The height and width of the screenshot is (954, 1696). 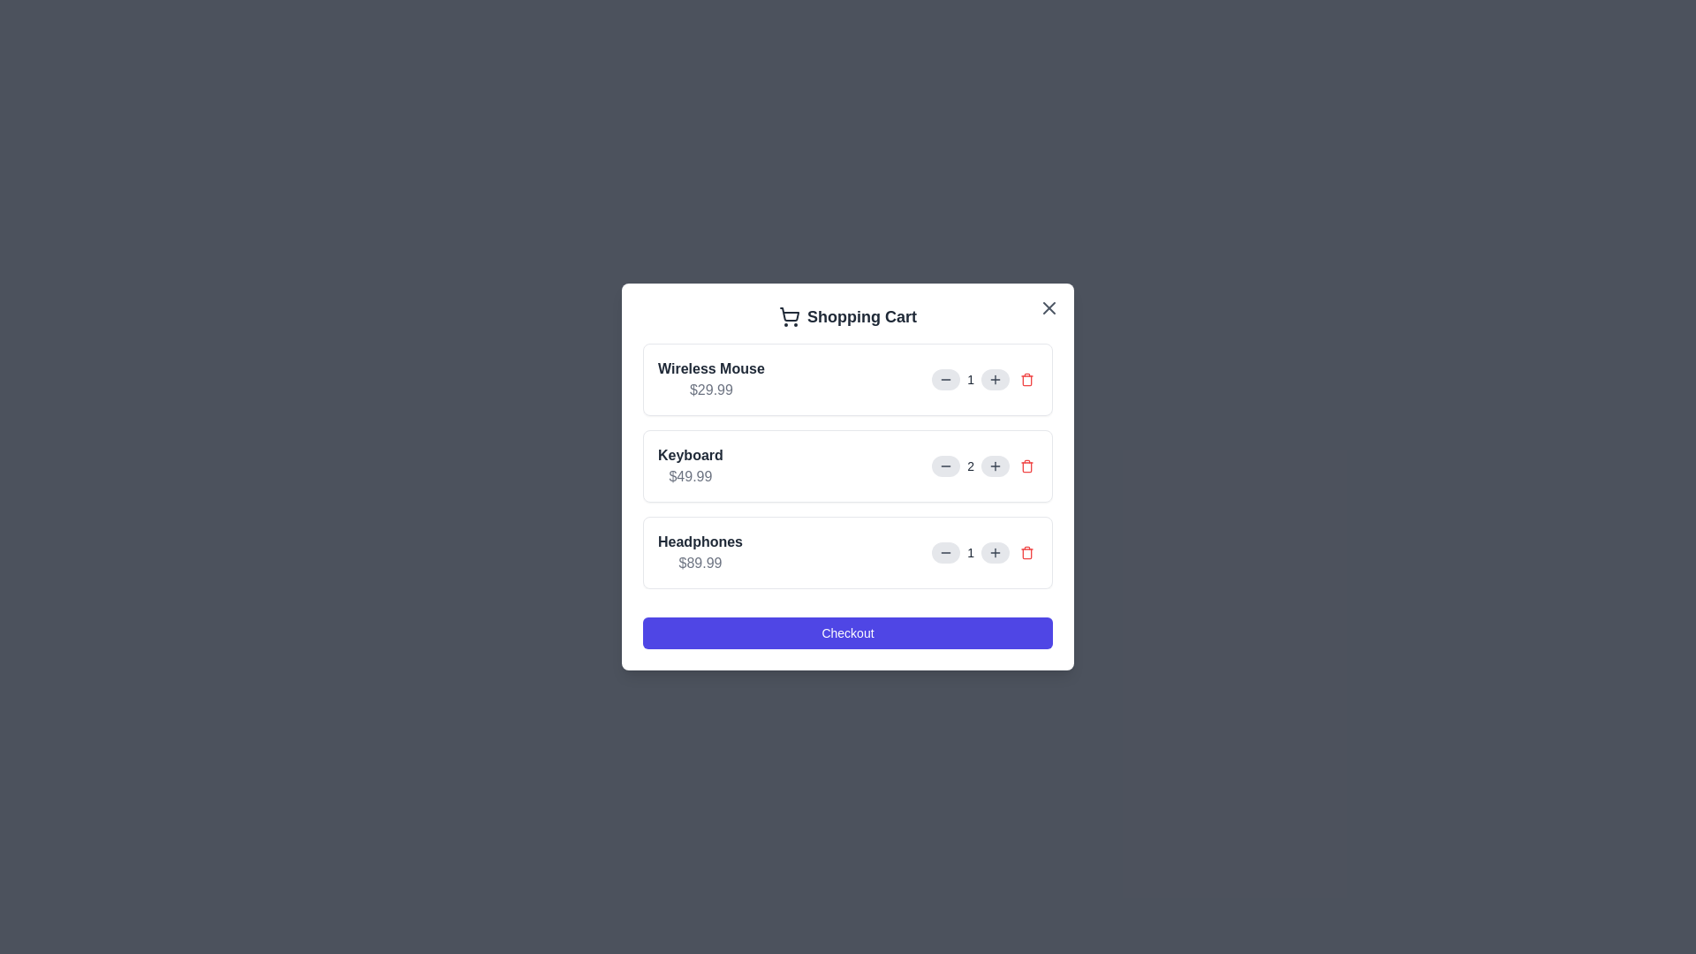 I want to click on the circular '+' button with a light gray background that is located to the right of the numerical label '2' in the shopping cart interface, so click(x=996, y=466).